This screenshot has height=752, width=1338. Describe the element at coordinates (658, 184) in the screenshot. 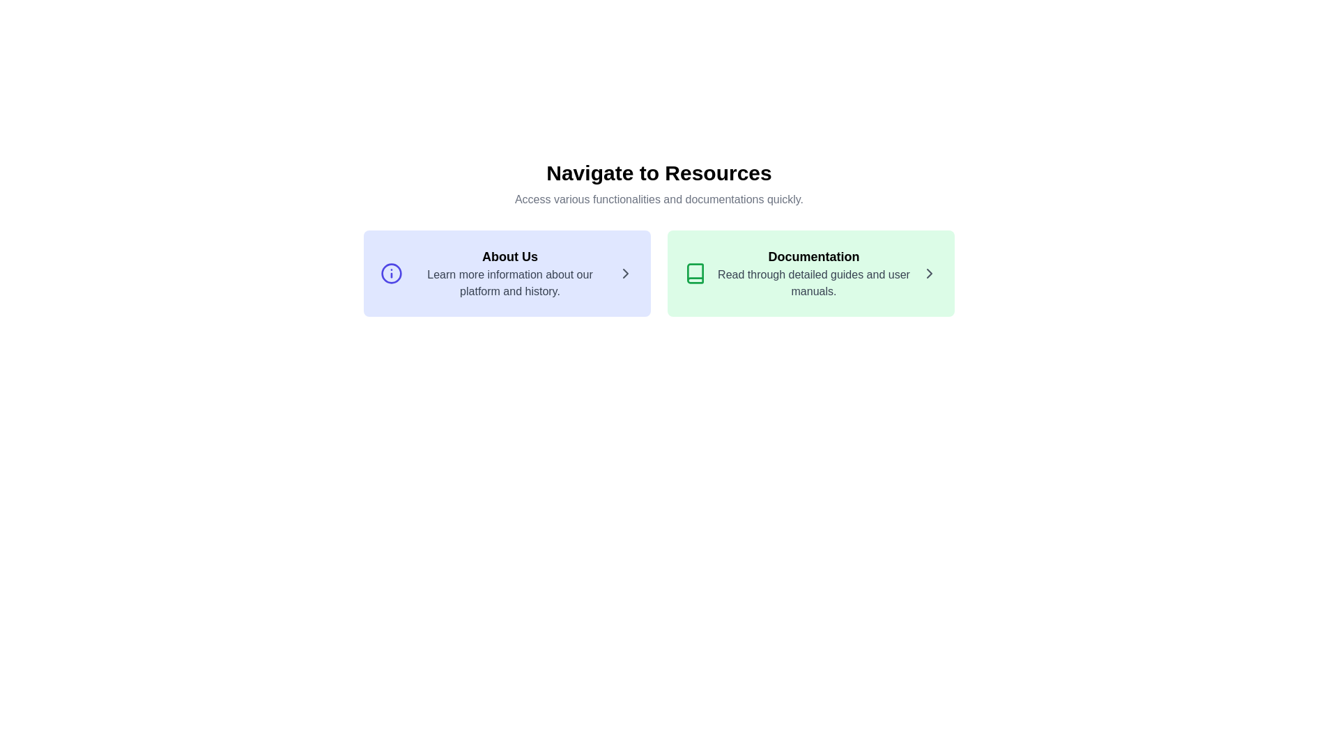

I see `text block that says 'Navigate to Resources' and 'Access various functionalities and documentations quickly.'` at that location.